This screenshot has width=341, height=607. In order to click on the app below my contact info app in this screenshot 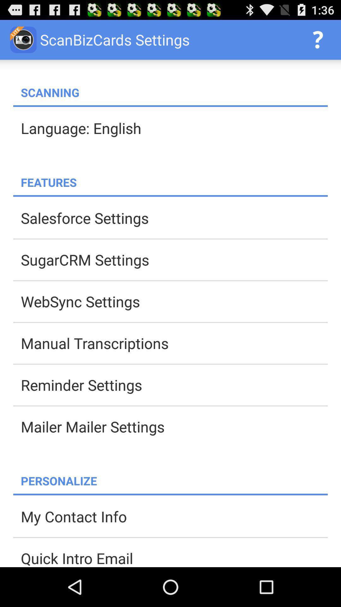, I will do `click(174, 557)`.